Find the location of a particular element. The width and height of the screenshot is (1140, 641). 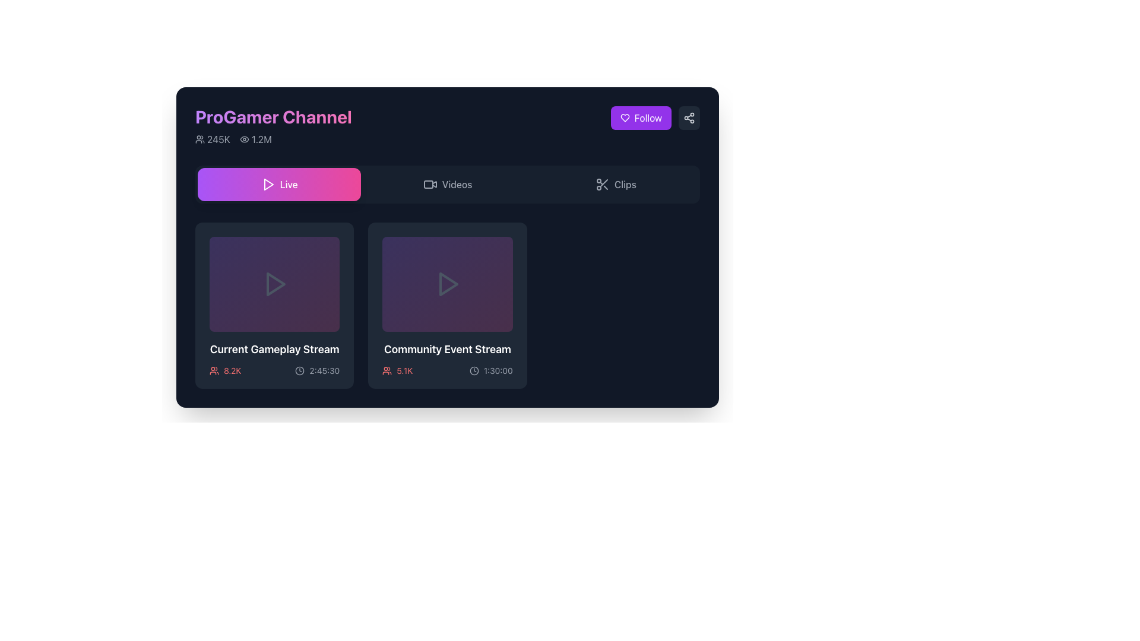

the user engagement icon located in the lower section of the right card, next to the text '5.1K', which indicates the number of viewers for the associated content is located at coordinates (387, 370).